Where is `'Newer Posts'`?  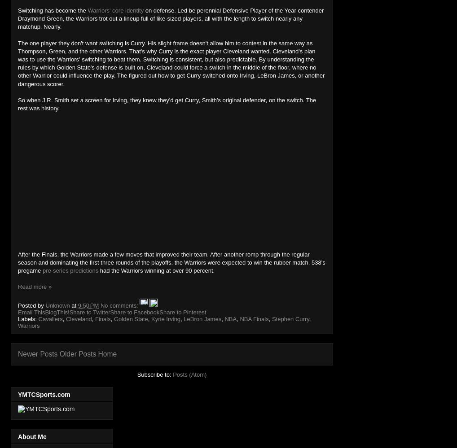
'Newer Posts' is located at coordinates (37, 354).